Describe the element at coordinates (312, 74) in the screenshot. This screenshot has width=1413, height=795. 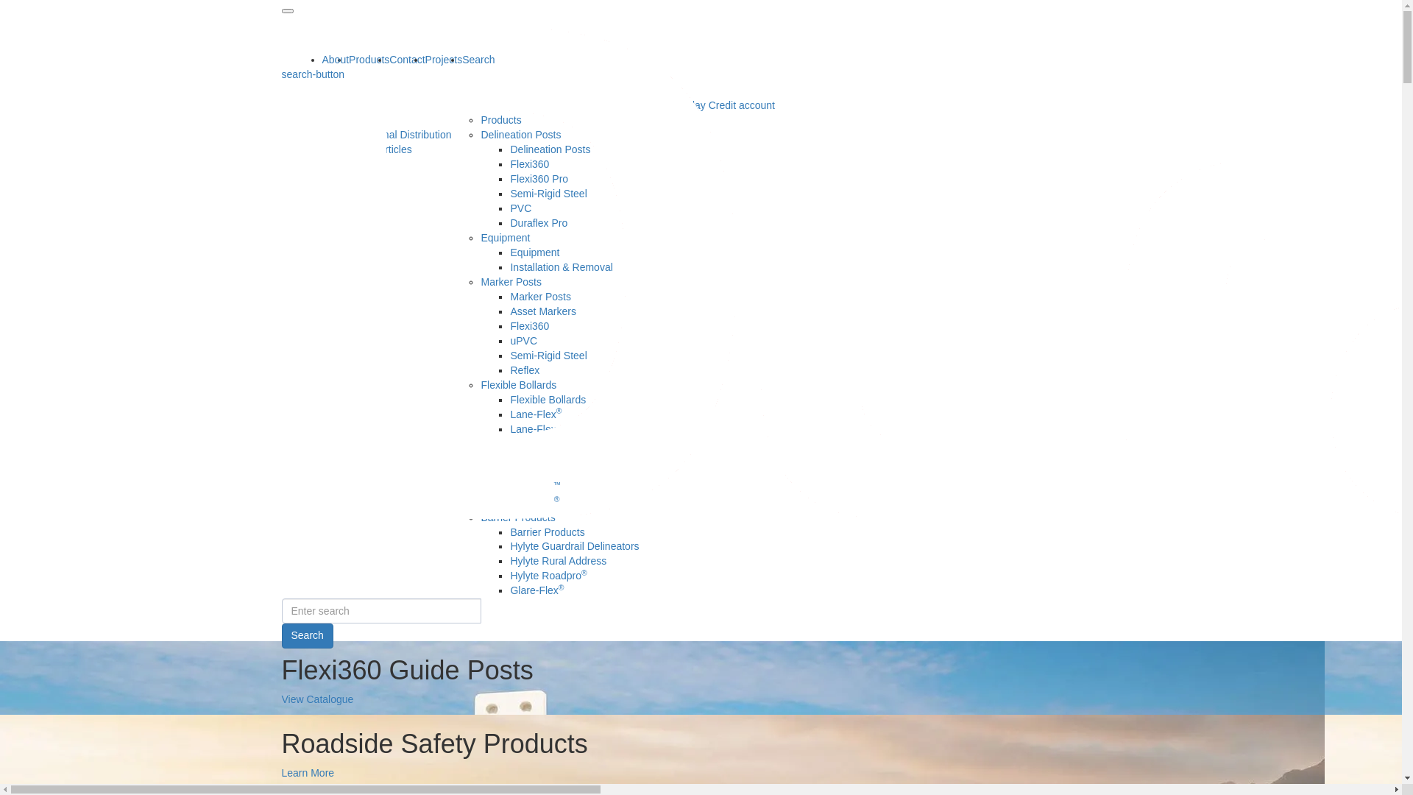
I see `'search-button'` at that location.